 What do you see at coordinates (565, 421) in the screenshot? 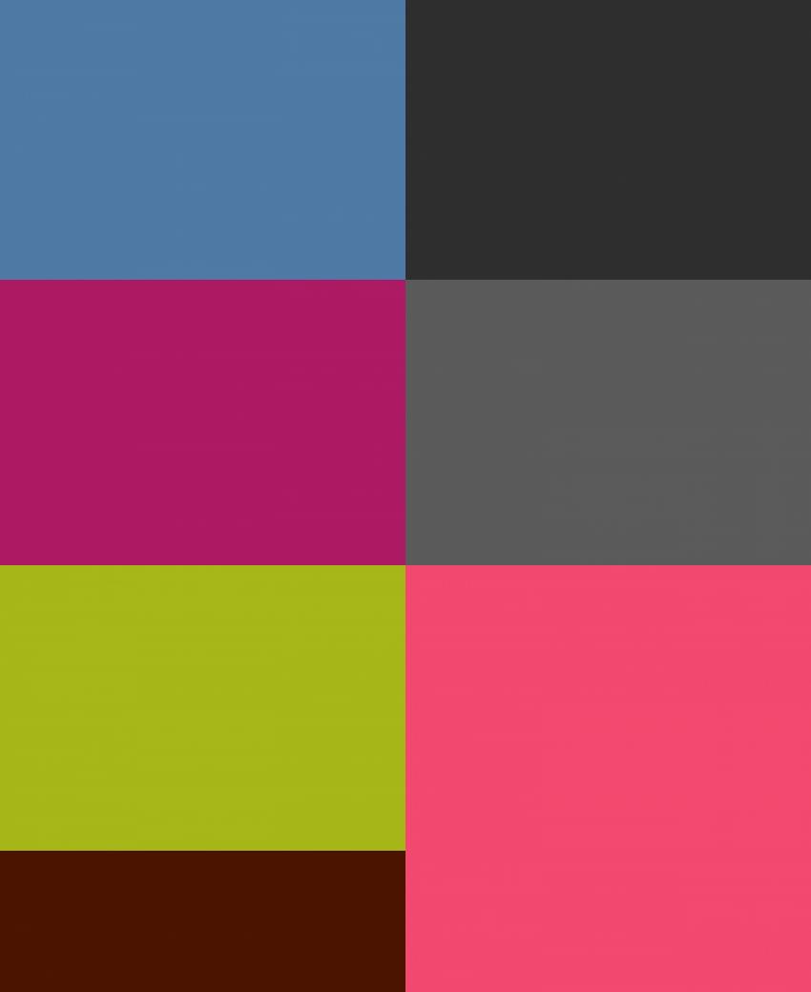
I see `'Case Study 4'` at bounding box center [565, 421].